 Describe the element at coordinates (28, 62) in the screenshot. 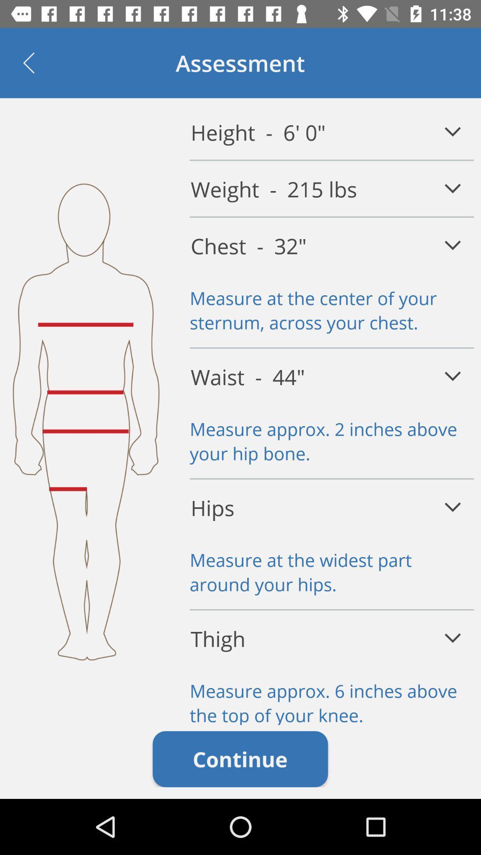

I see `icon to the left of the assessment icon` at that location.